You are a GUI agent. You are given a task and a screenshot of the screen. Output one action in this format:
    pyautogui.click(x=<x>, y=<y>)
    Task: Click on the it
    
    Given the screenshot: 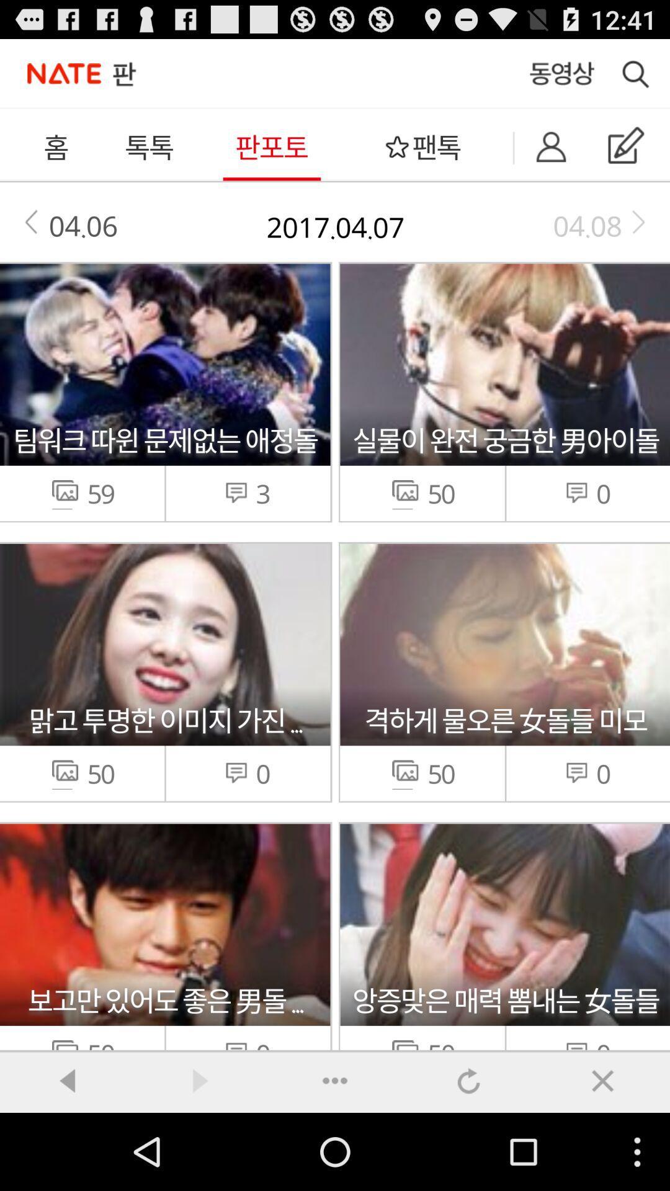 What is the action you would take?
    pyautogui.click(x=602, y=1080)
    